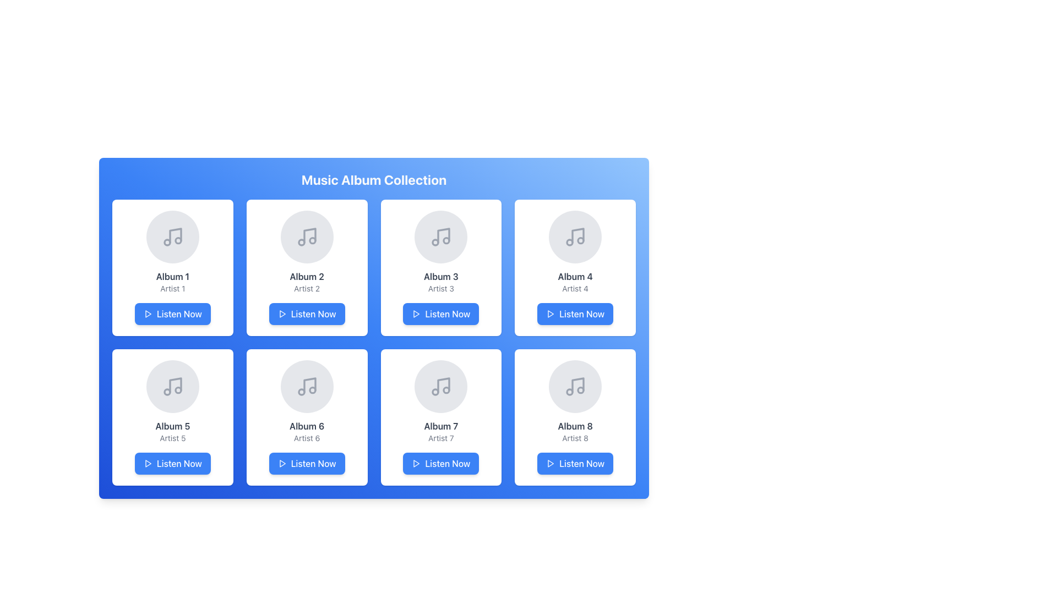 This screenshot has height=594, width=1057. I want to click on the musical note icon in a circular gray background located in the third slot of the first row, under the title 'Album 3 Artist 3', so click(441, 237).